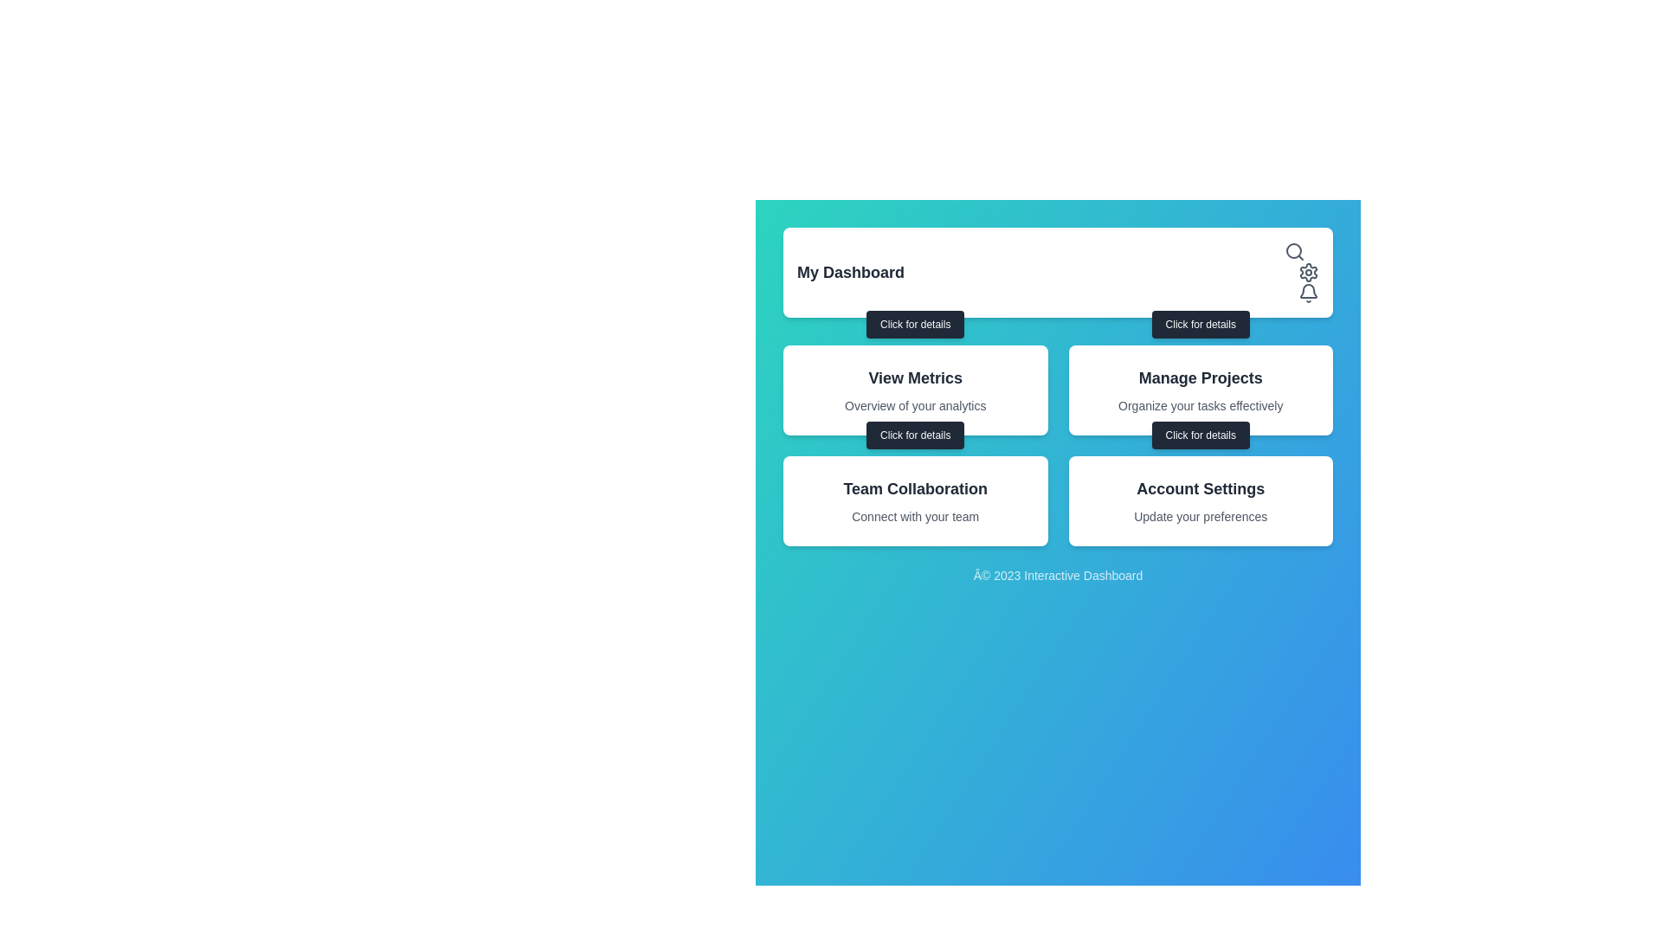 The image size is (1662, 935). I want to click on the small gray cogwheel icon in the upper right corner of the interface, so click(1309, 273).